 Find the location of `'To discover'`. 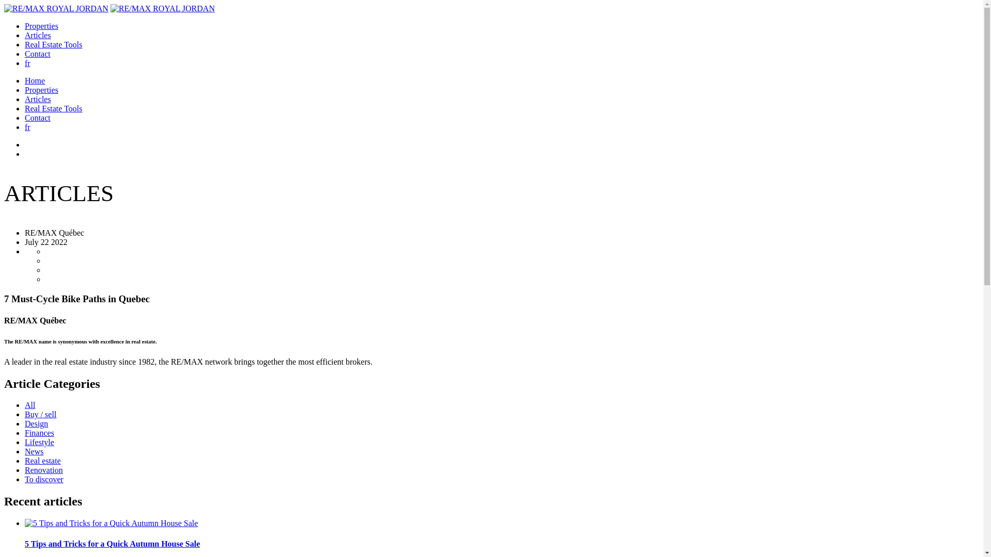

'To discover' is located at coordinates (43, 479).